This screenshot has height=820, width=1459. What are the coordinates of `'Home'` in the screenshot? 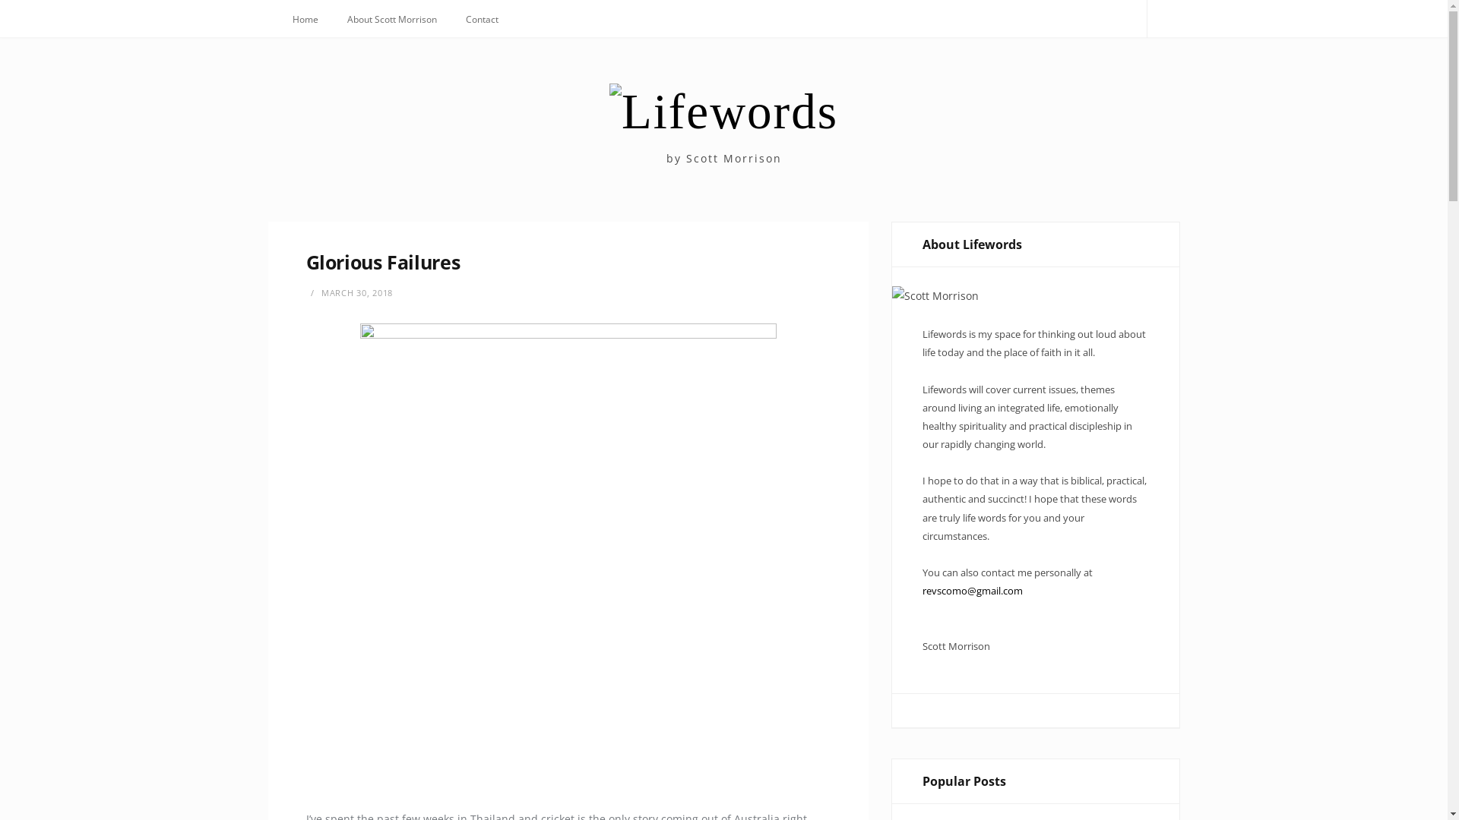 It's located at (280, 20).